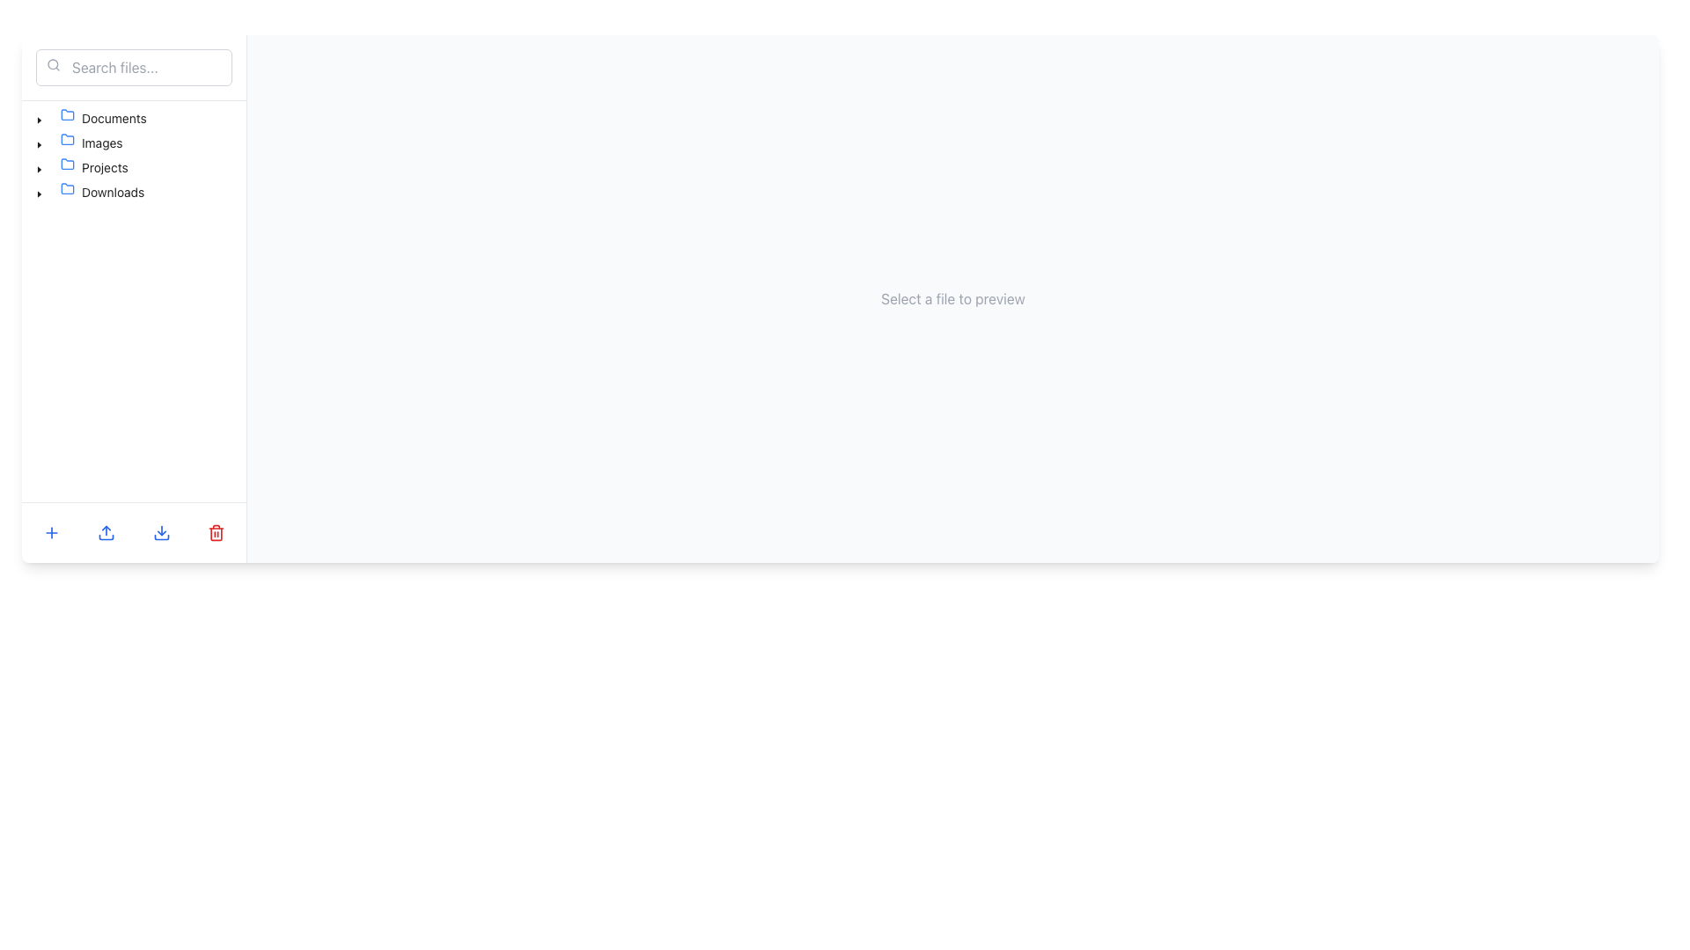  Describe the element at coordinates (39, 193) in the screenshot. I see `the Tree node toggle icon located next to the 'Downloads' label` at that location.